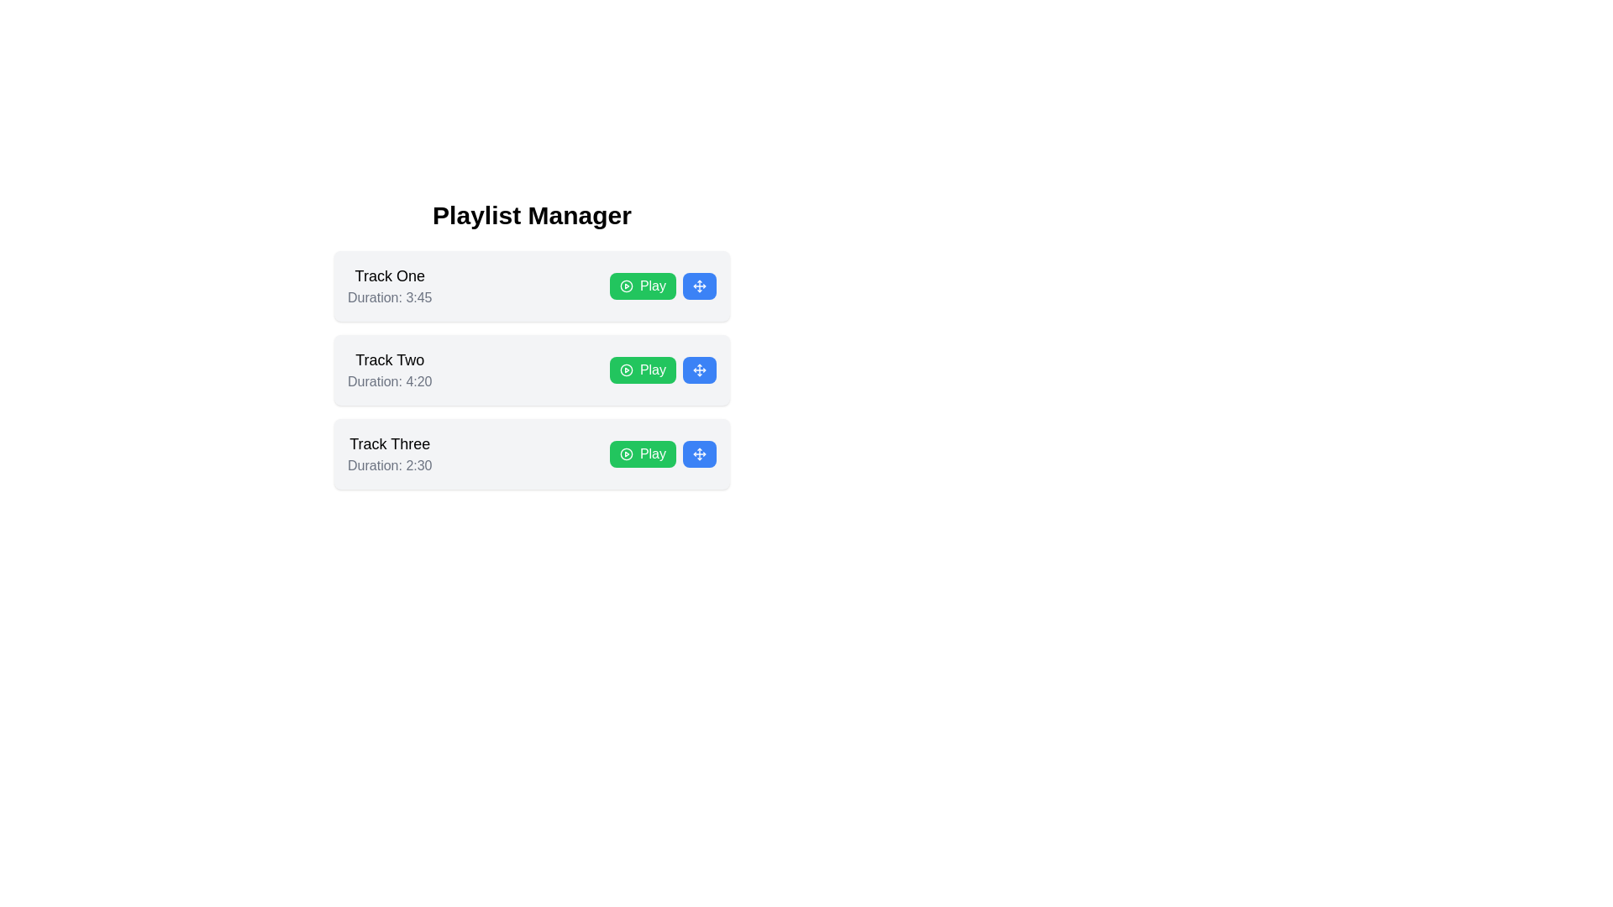 Image resolution: width=1613 pixels, height=907 pixels. Describe the element at coordinates (531, 344) in the screenshot. I see `the track names within the 'Playlist Manager' section, which contains a vertical list of tracks with interactive options` at that location.